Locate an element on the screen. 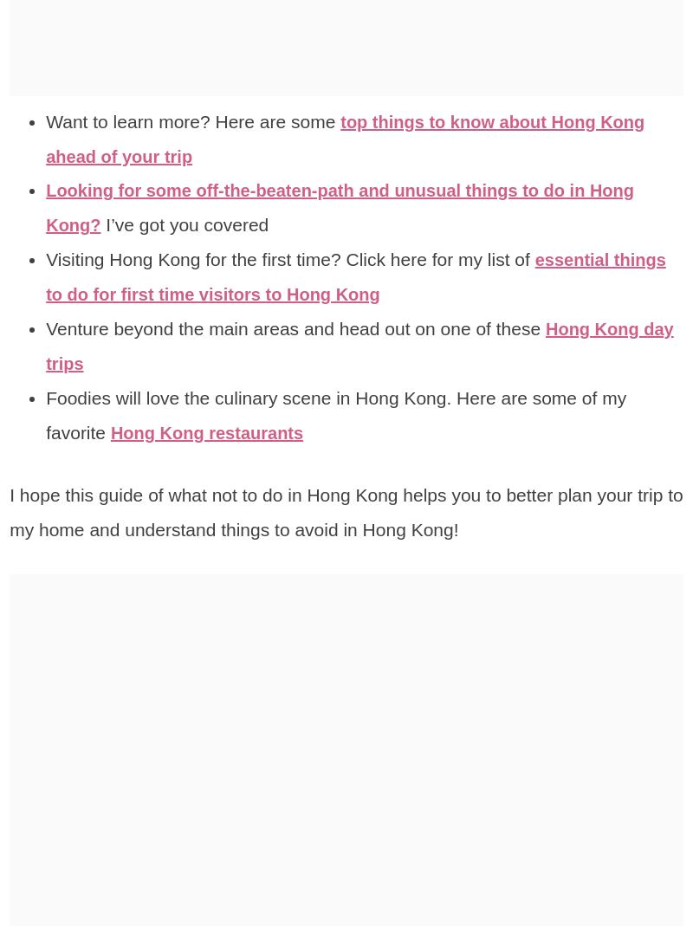 The width and height of the screenshot is (693, 926). 'Looking for some off-the-beaten-path and unusual things to do in Hong Kong?' is located at coordinates (353, 206).